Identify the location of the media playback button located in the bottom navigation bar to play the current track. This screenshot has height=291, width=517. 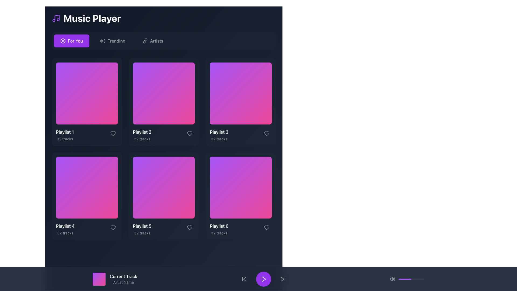
(263, 279).